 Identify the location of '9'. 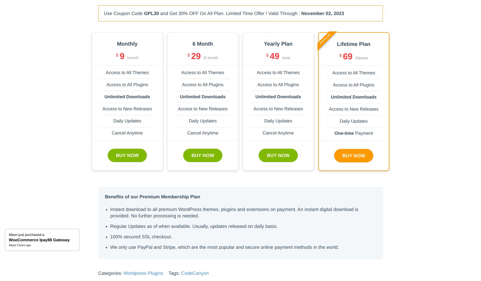
(120, 56).